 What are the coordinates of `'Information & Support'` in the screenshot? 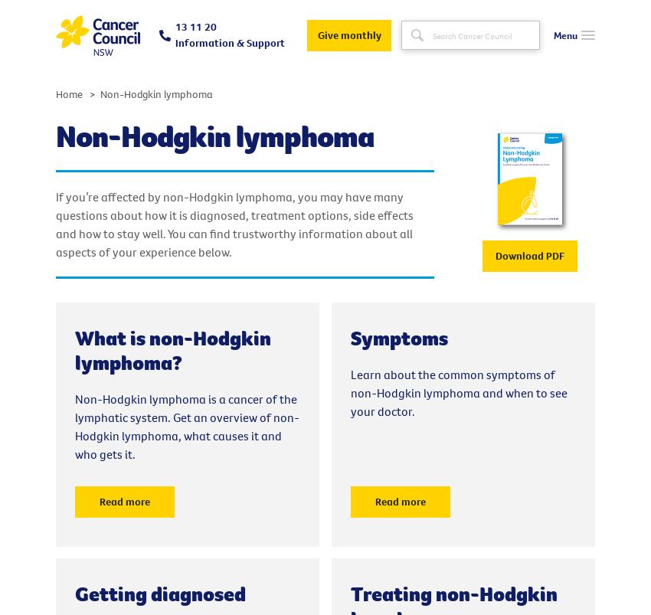 It's located at (230, 41).